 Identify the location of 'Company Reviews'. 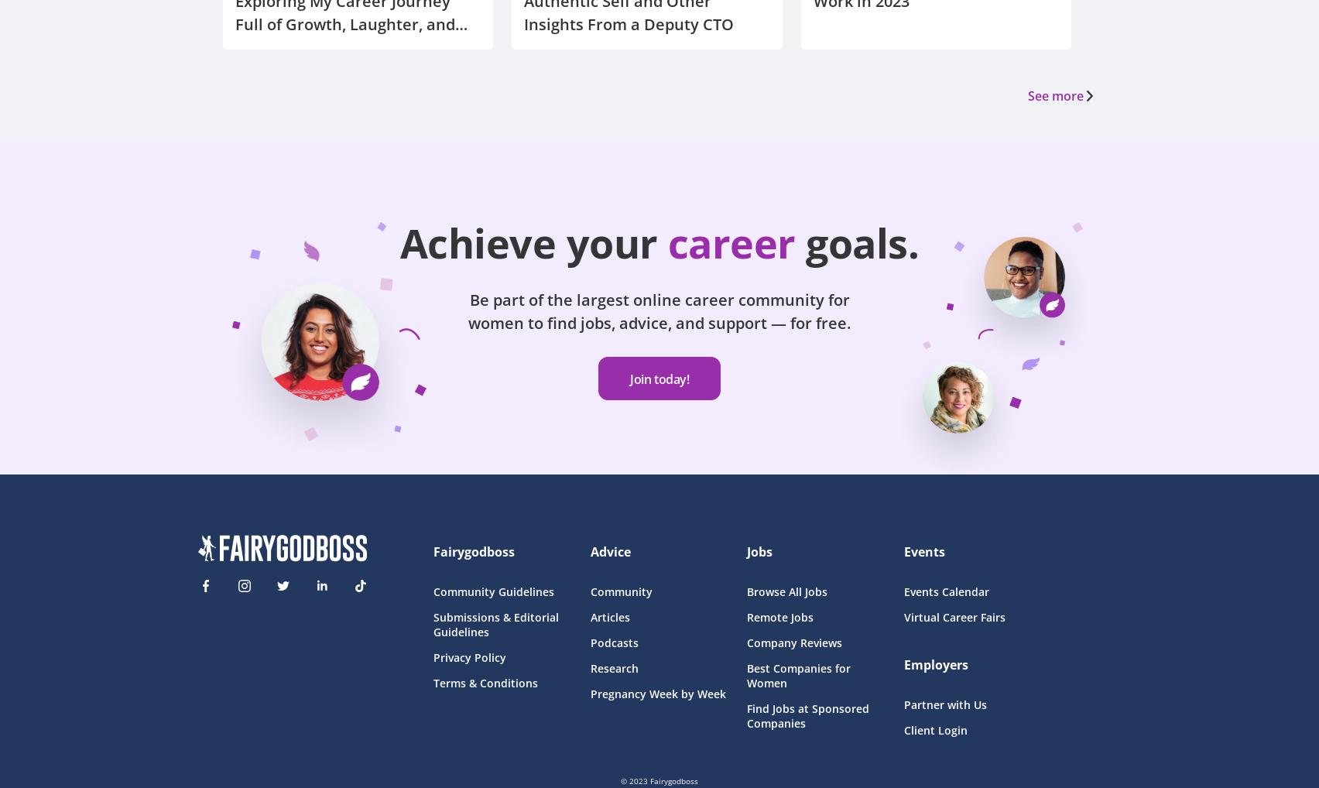
(746, 641).